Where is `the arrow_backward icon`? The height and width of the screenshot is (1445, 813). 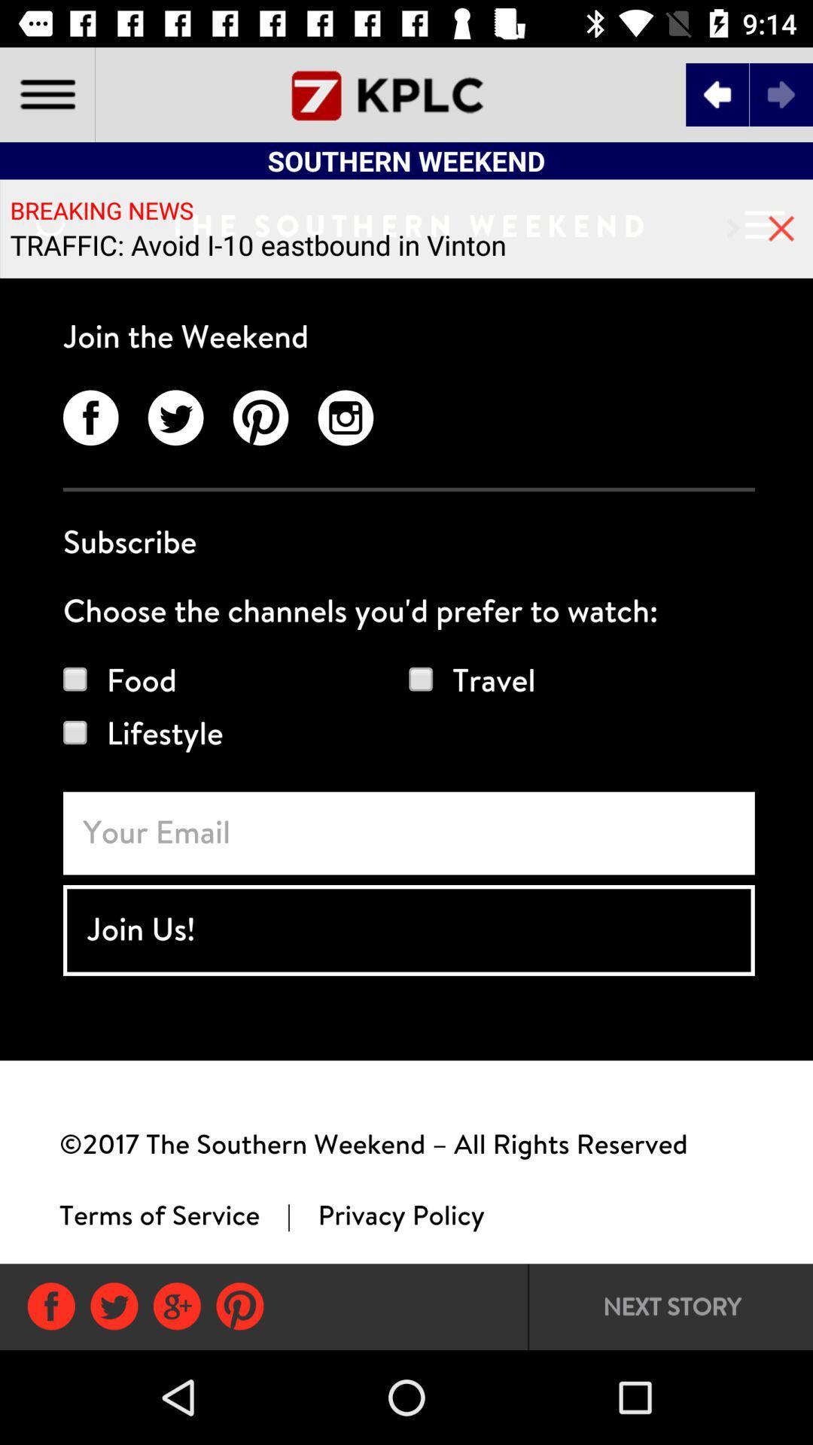 the arrow_backward icon is located at coordinates (717, 93).